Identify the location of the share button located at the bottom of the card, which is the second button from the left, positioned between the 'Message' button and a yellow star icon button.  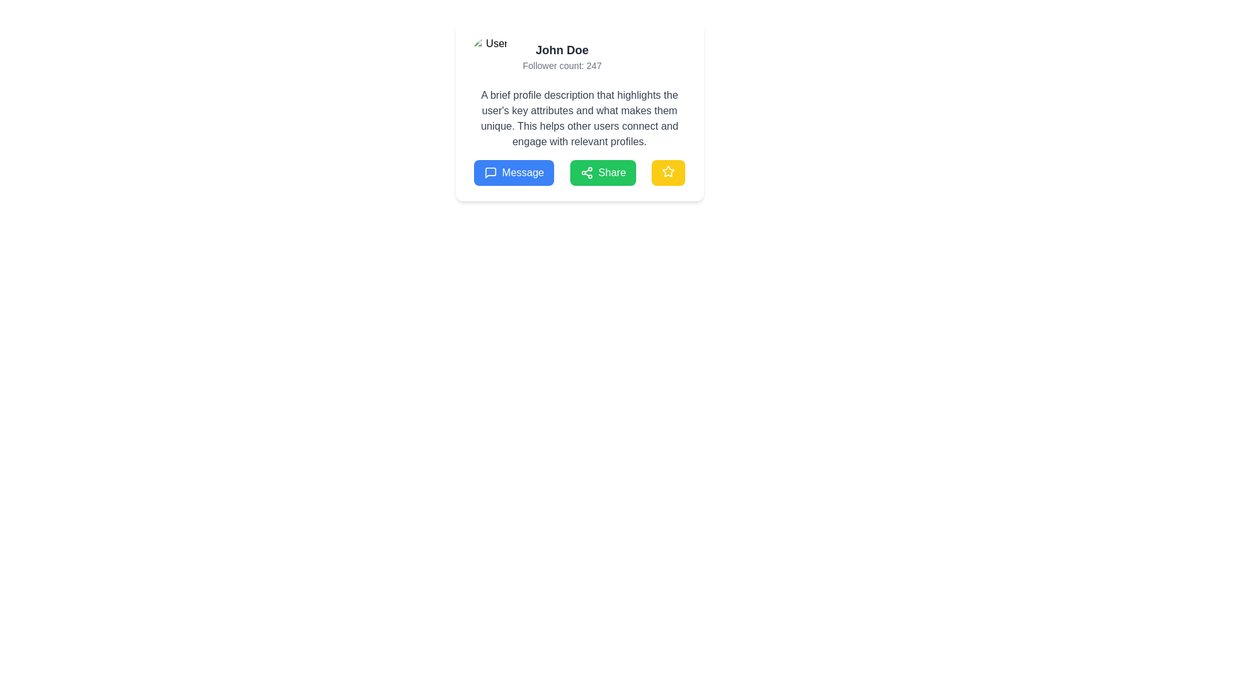
(579, 172).